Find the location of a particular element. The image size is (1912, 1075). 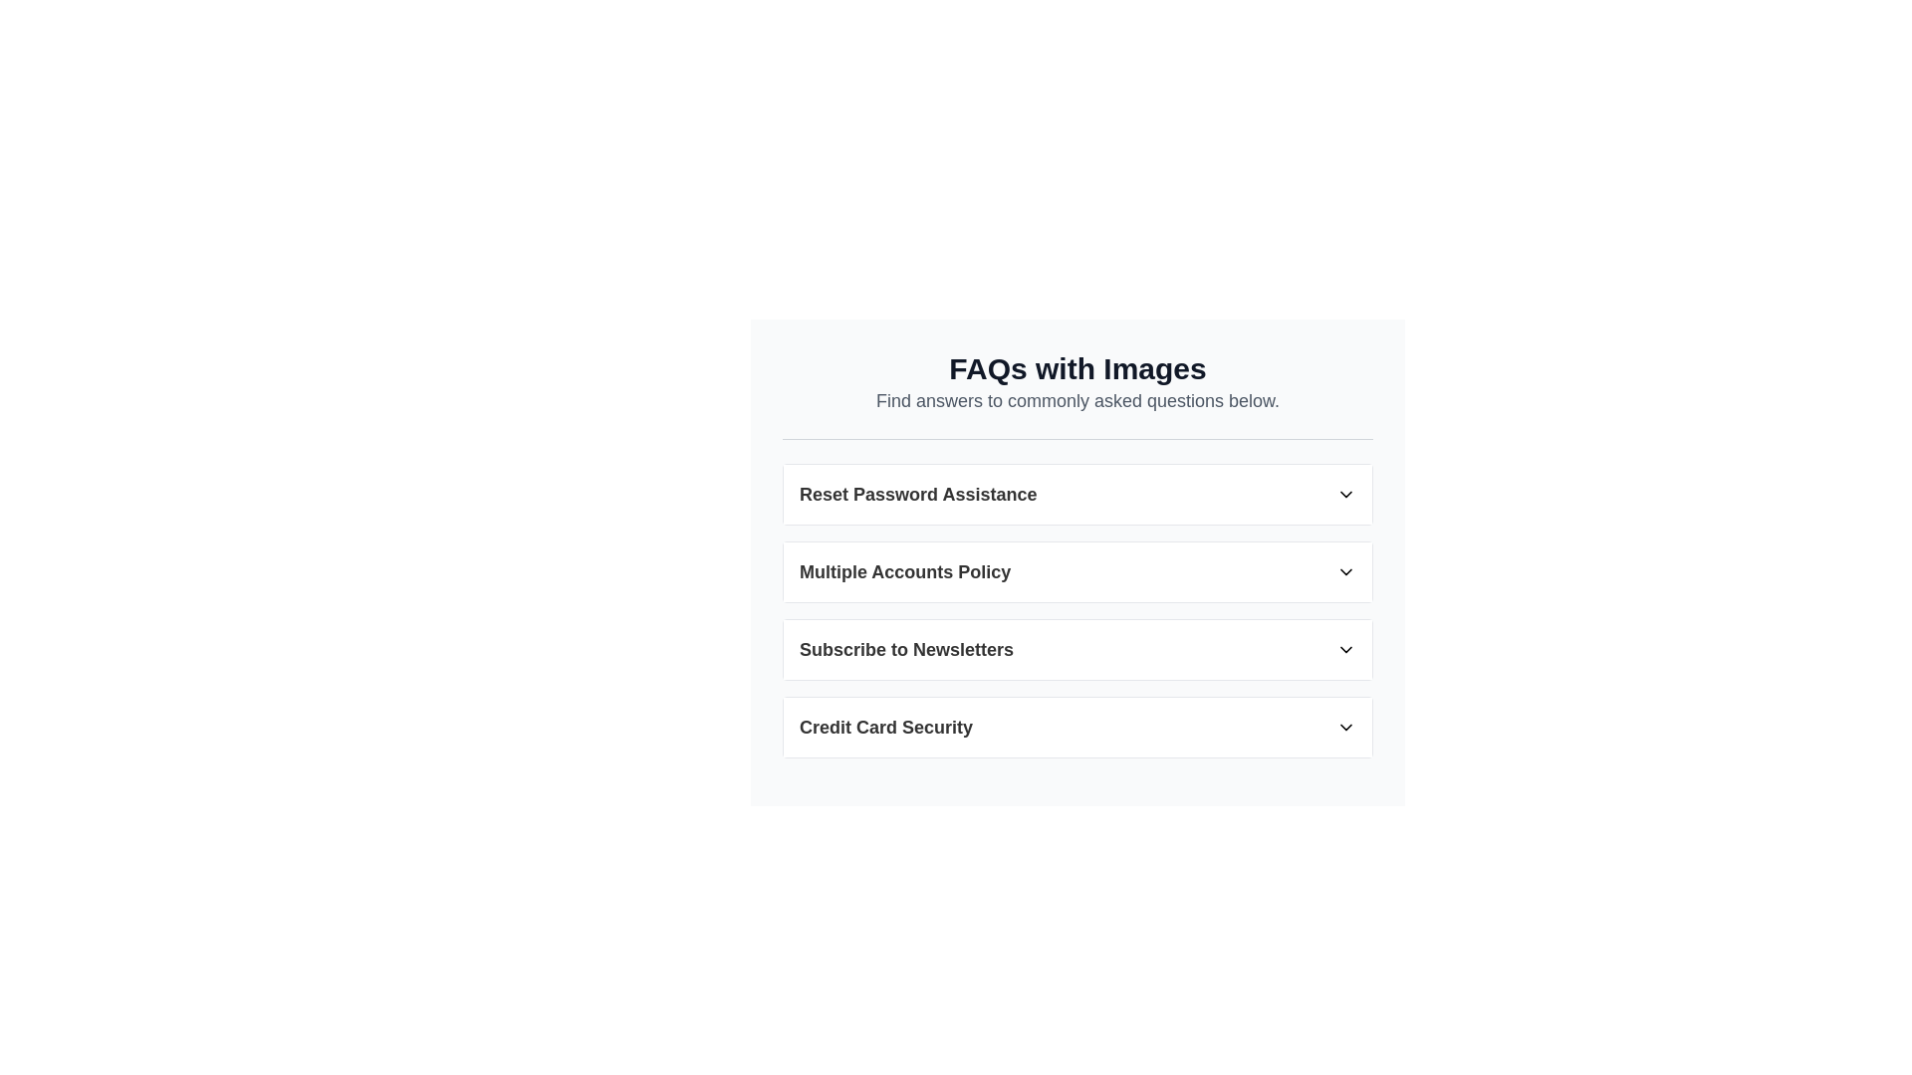

the second item in the 'FAQs with Images' list, which provides information on managing multiple accounts is located at coordinates (1076, 554).